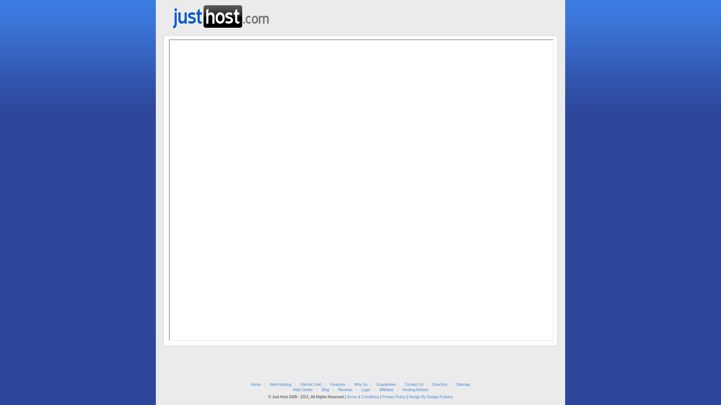 The height and width of the screenshot is (405, 721). I want to click on '(Secret Link)', so click(300, 384).